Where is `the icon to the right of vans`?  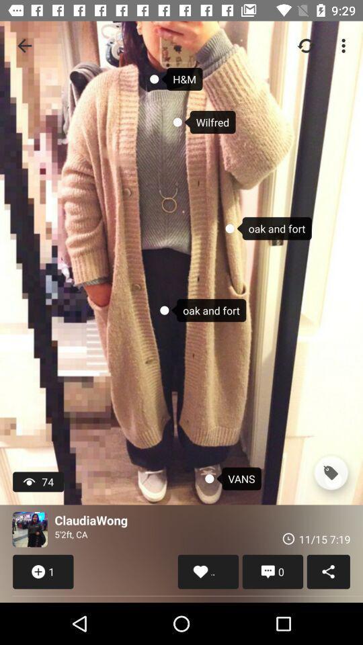 the icon to the right of vans is located at coordinates (330, 473).